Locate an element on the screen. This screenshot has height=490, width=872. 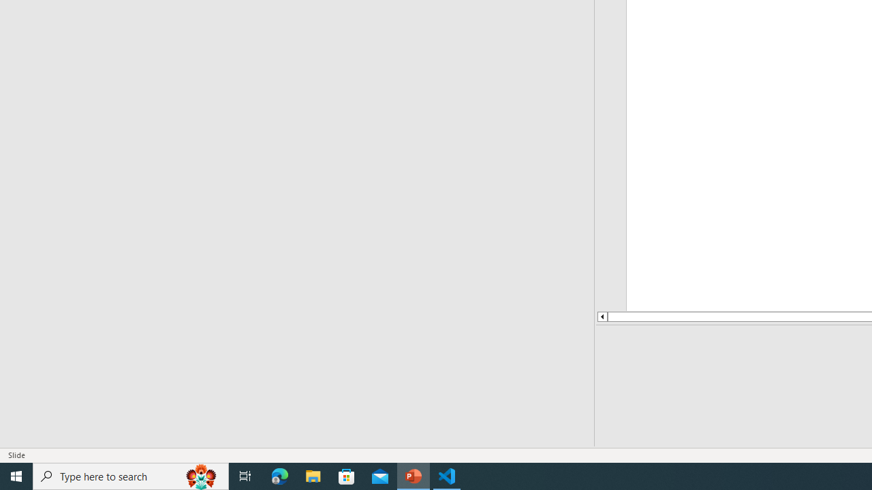
'Visual Studio Code - 1 running window' is located at coordinates (447, 475).